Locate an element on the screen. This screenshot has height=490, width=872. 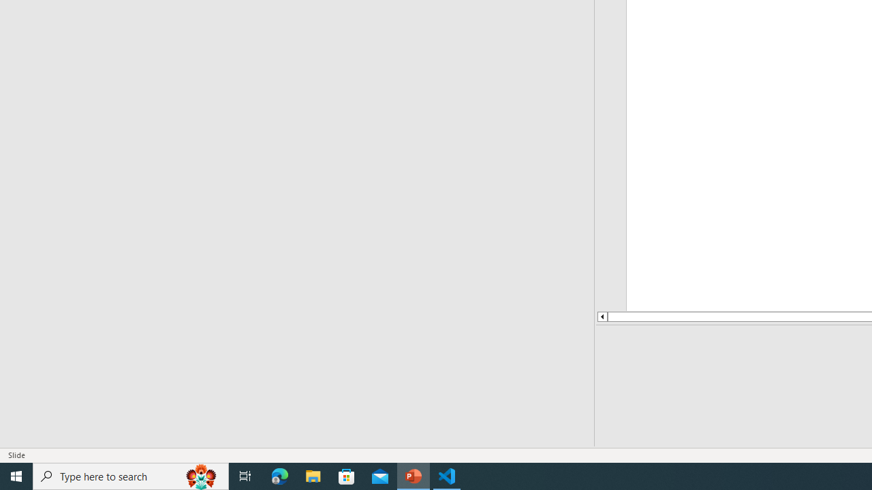
'Visual Studio Code - 1 running window' is located at coordinates (447, 475).